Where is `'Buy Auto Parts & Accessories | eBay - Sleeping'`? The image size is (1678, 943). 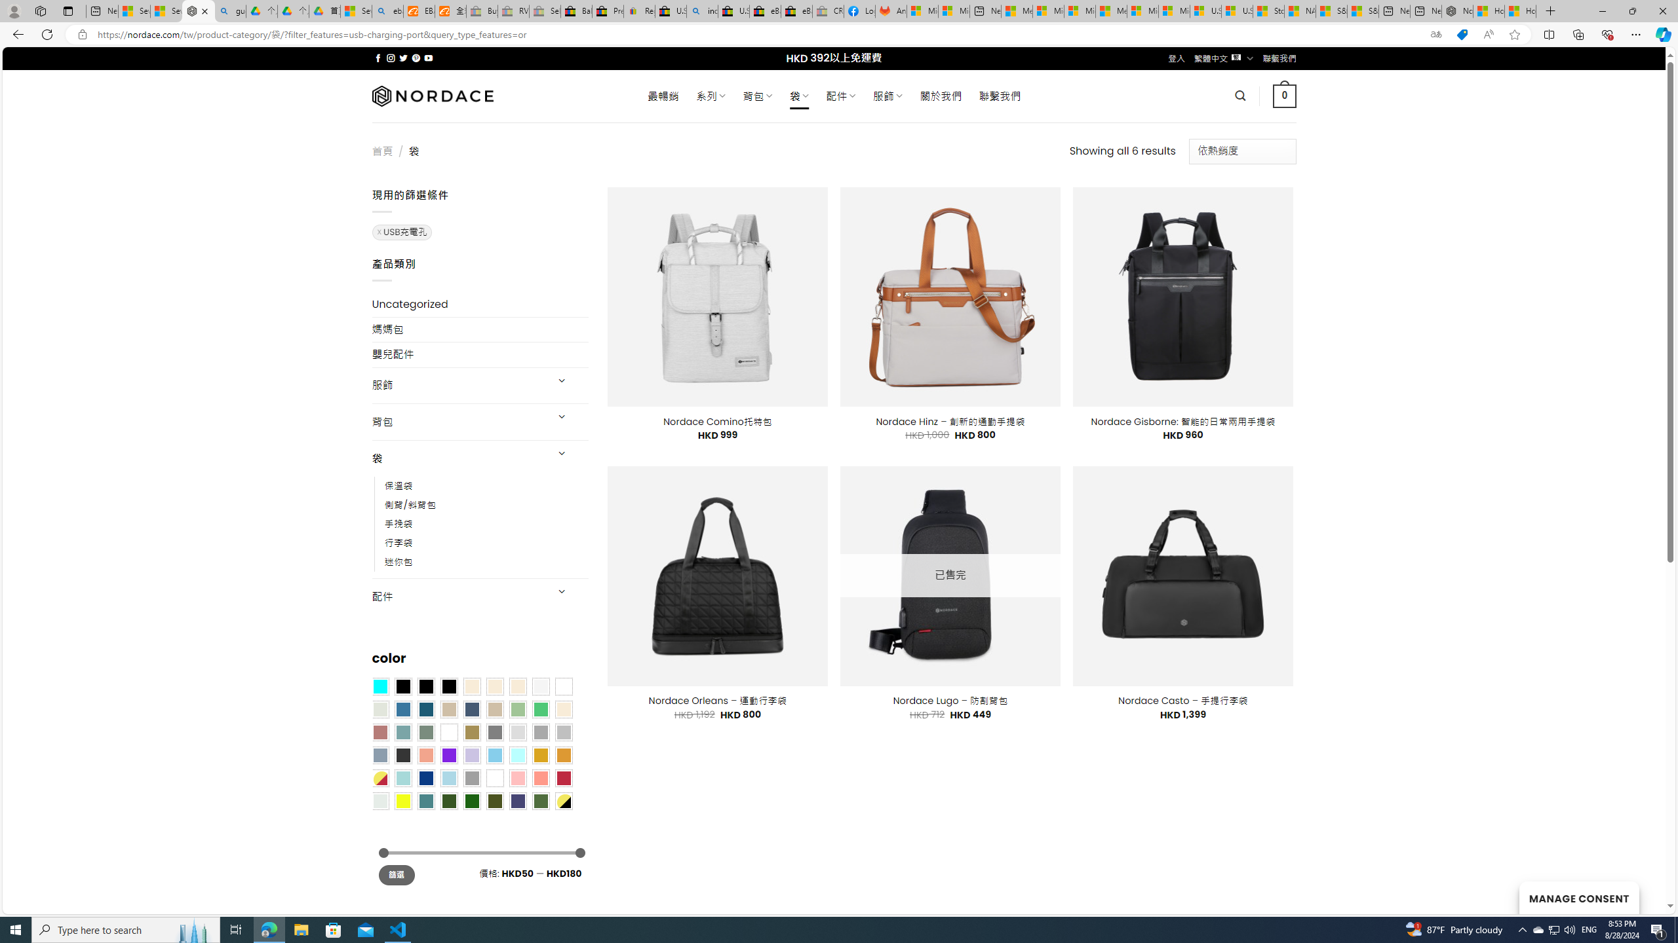
'Buy Auto Parts & Accessories | eBay - Sleeping' is located at coordinates (482, 10).